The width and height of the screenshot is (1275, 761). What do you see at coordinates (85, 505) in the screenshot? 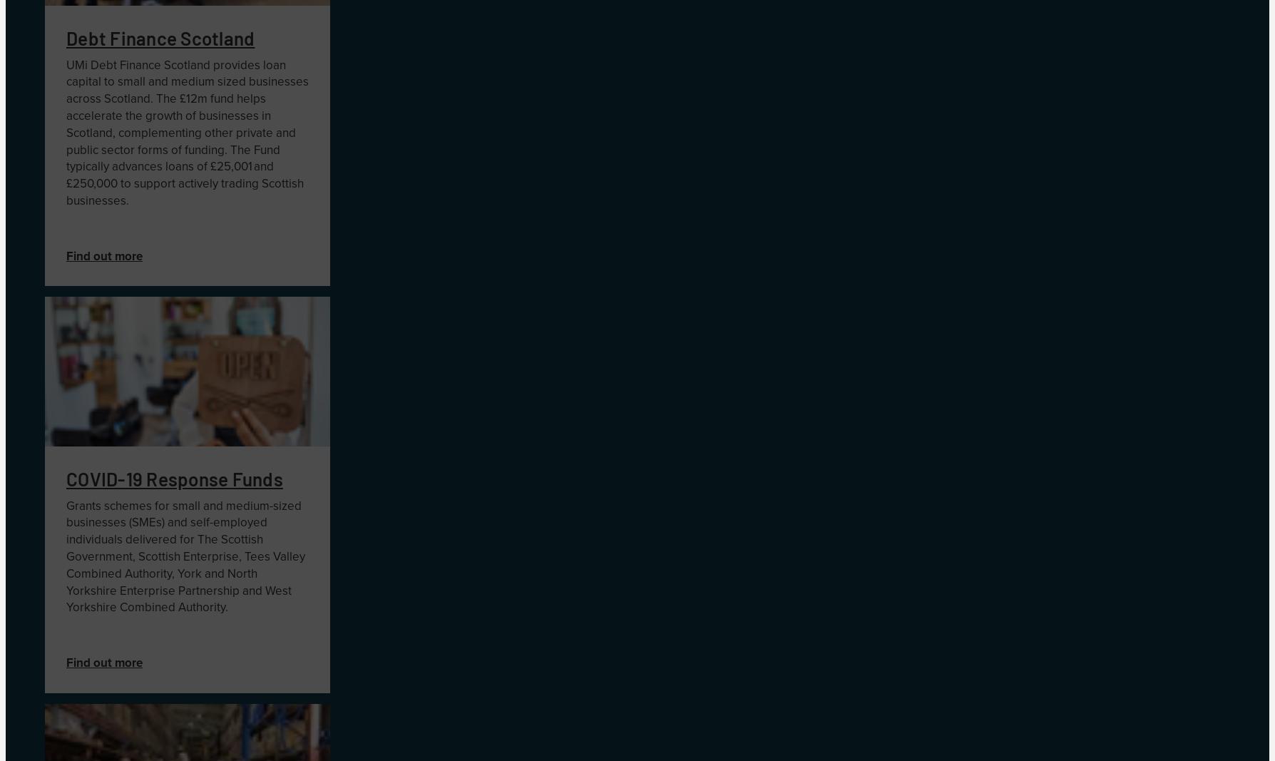
I see `'Grants'` at bounding box center [85, 505].